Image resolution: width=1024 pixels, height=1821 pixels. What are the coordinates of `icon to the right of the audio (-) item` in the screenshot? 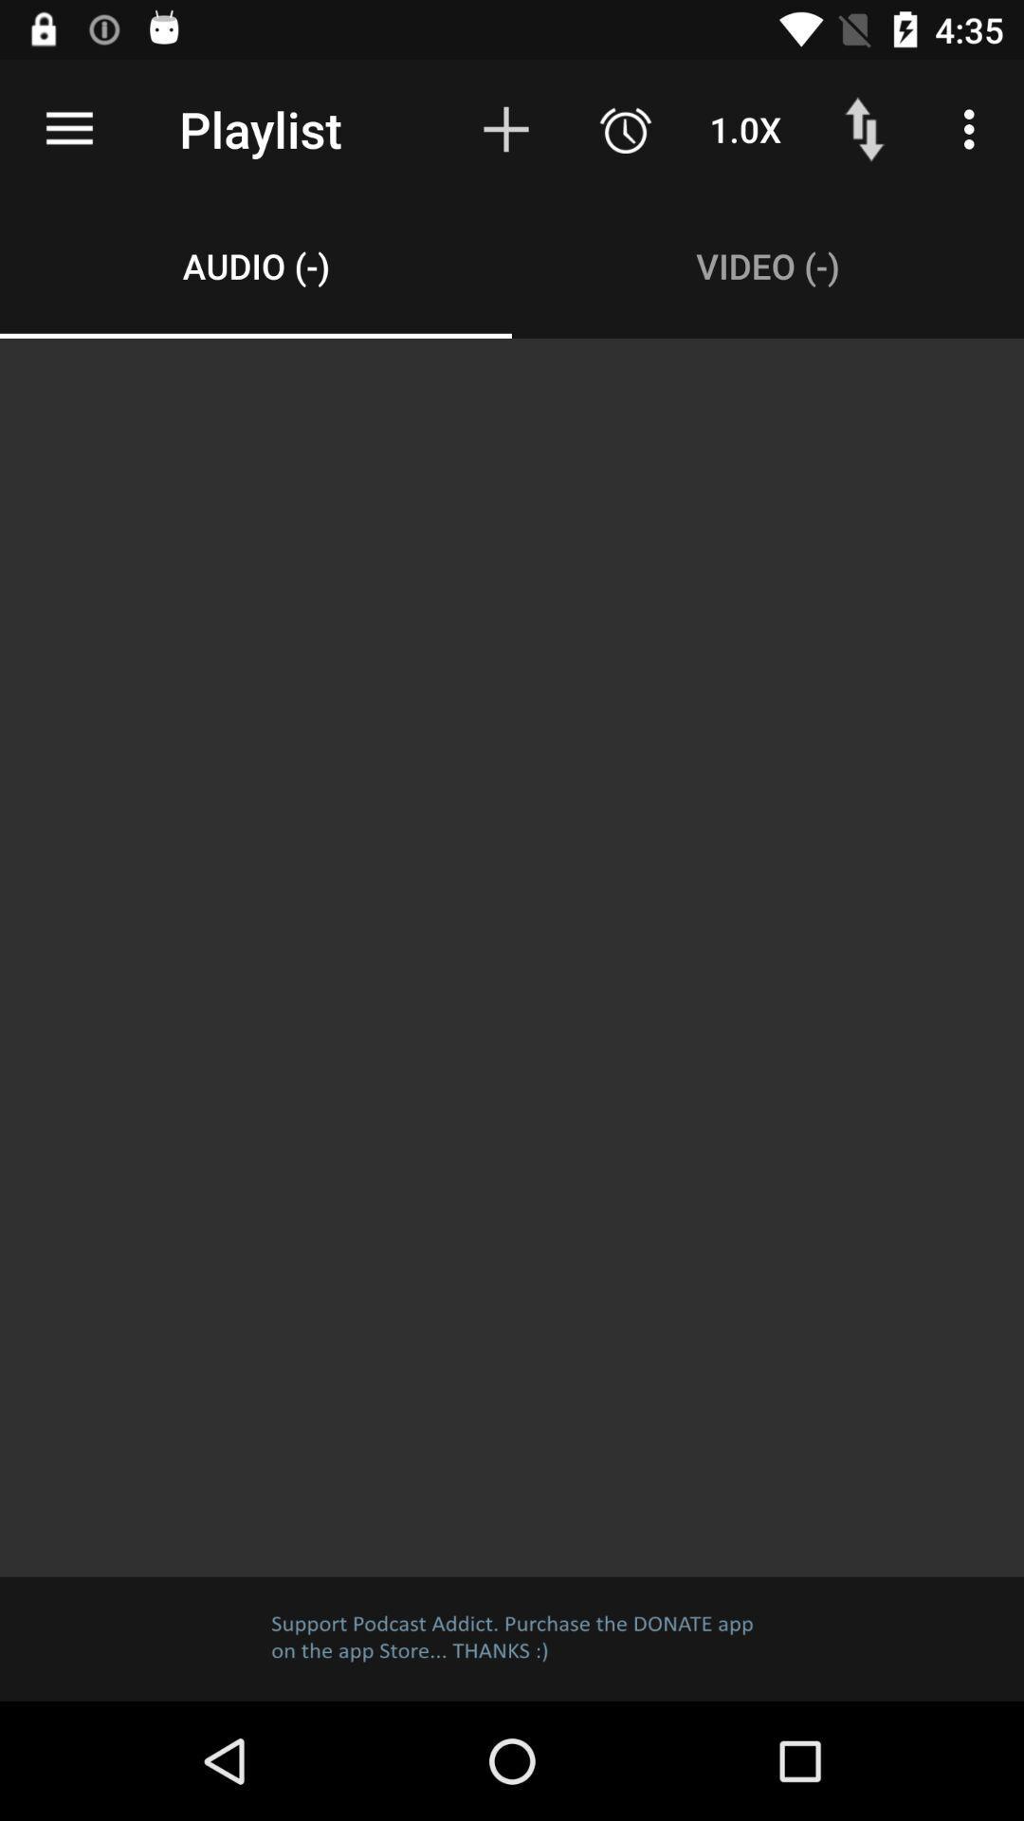 It's located at (768, 265).